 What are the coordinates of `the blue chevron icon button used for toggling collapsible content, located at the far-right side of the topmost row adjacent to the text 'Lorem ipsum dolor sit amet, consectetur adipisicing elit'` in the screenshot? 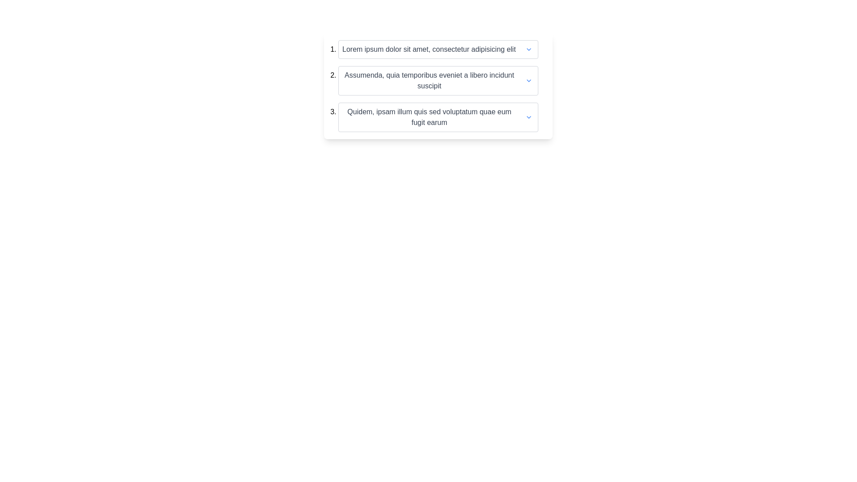 It's located at (529, 50).